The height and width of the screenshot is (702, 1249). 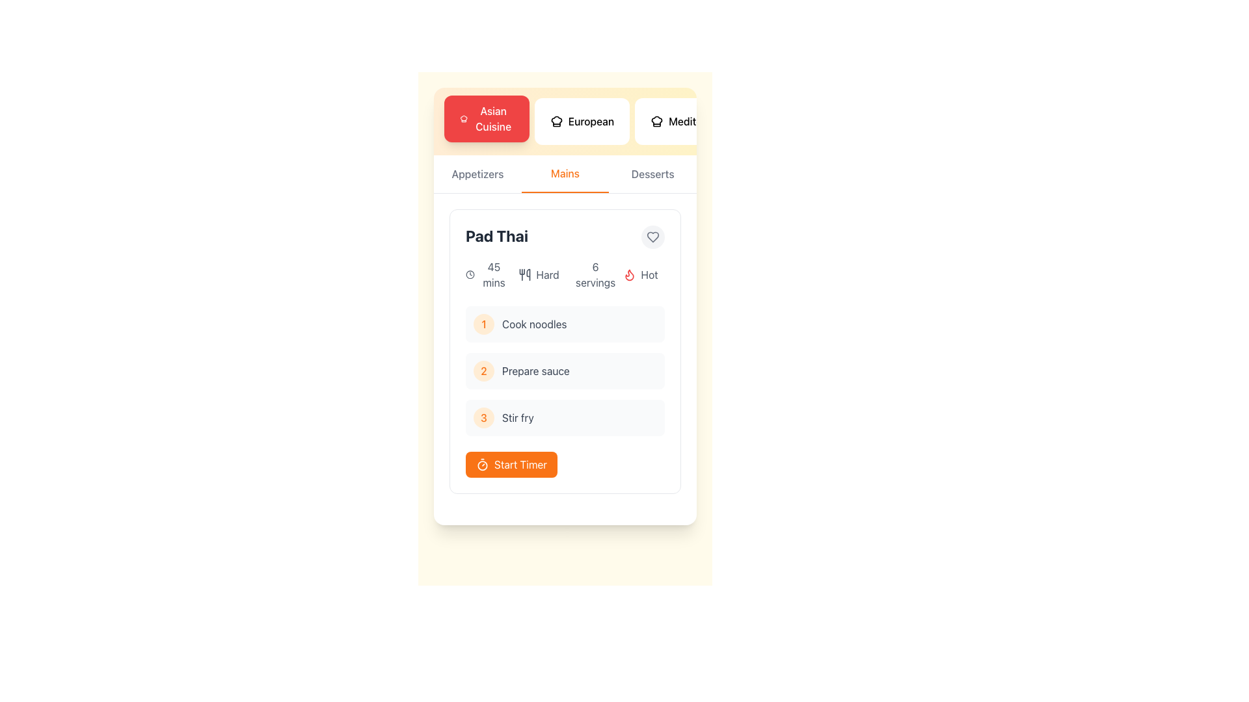 What do you see at coordinates (652, 173) in the screenshot?
I see `the 'Desserts' text label in the navigation bar` at bounding box center [652, 173].